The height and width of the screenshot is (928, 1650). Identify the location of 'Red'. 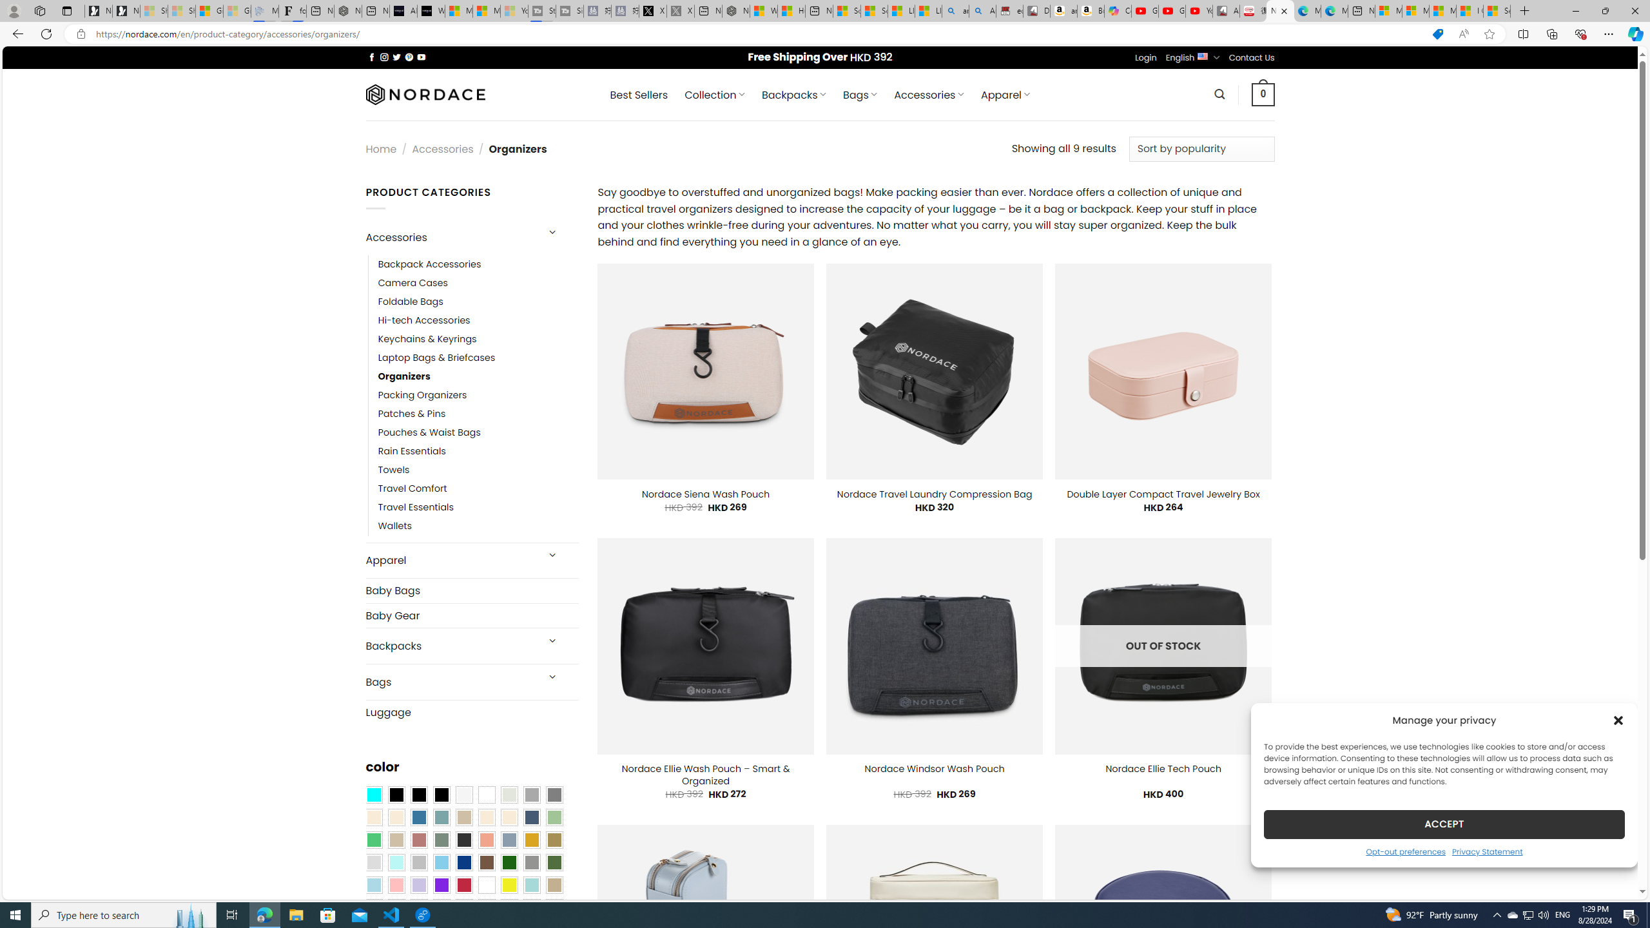
(463, 884).